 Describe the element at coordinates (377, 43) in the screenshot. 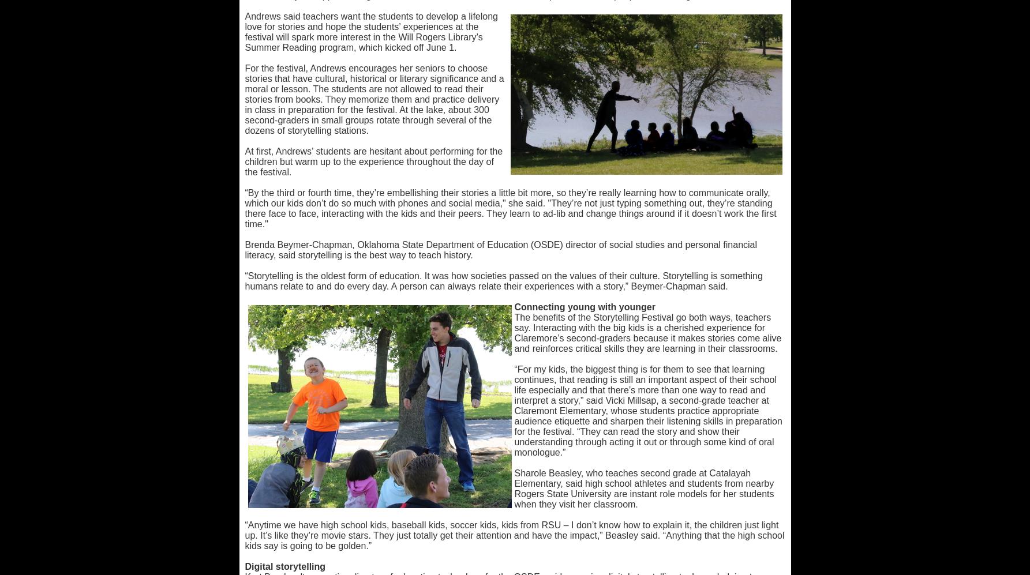

I see `'Teacher of the Year'` at that location.